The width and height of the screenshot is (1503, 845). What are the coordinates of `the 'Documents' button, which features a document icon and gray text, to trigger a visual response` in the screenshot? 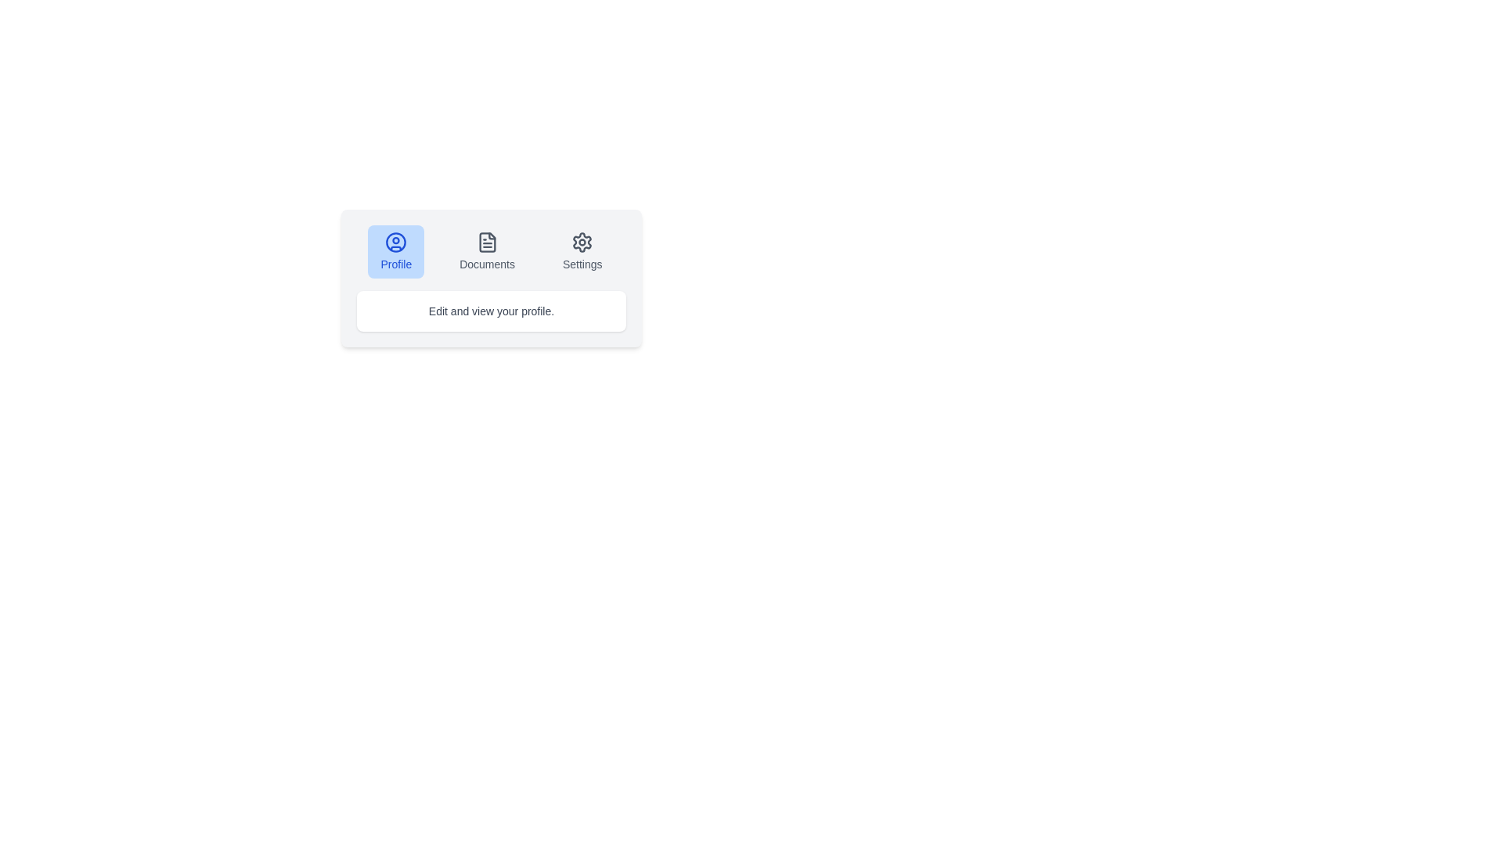 It's located at (486, 250).